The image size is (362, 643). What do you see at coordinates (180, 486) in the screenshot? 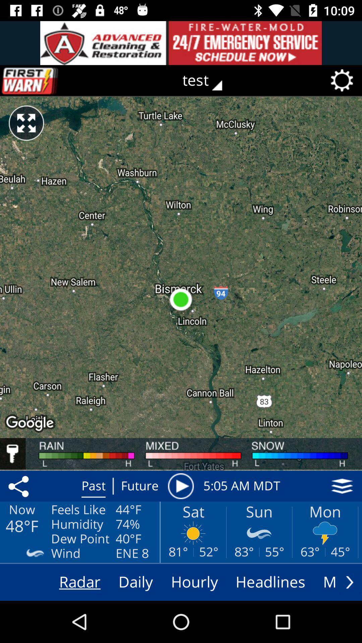
I see `the item to the left of the 5 05 am icon` at bounding box center [180, 486].